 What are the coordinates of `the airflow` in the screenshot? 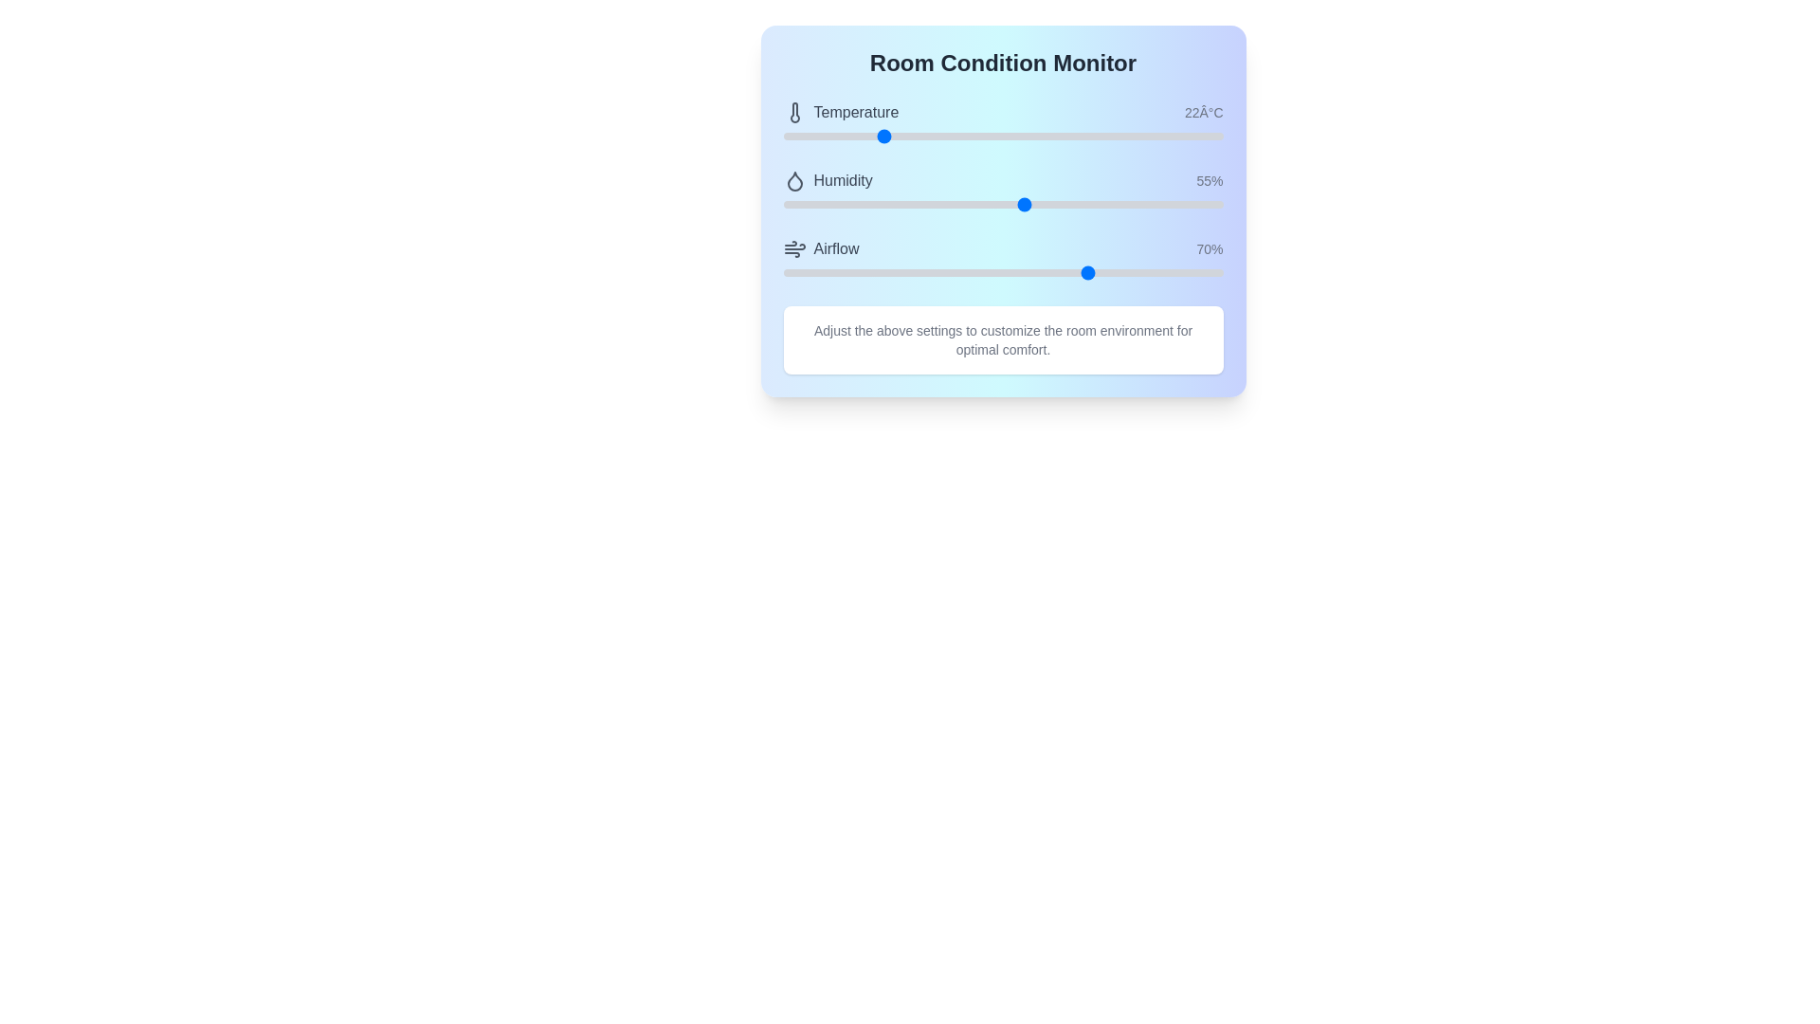 It's located at (1169, 273).